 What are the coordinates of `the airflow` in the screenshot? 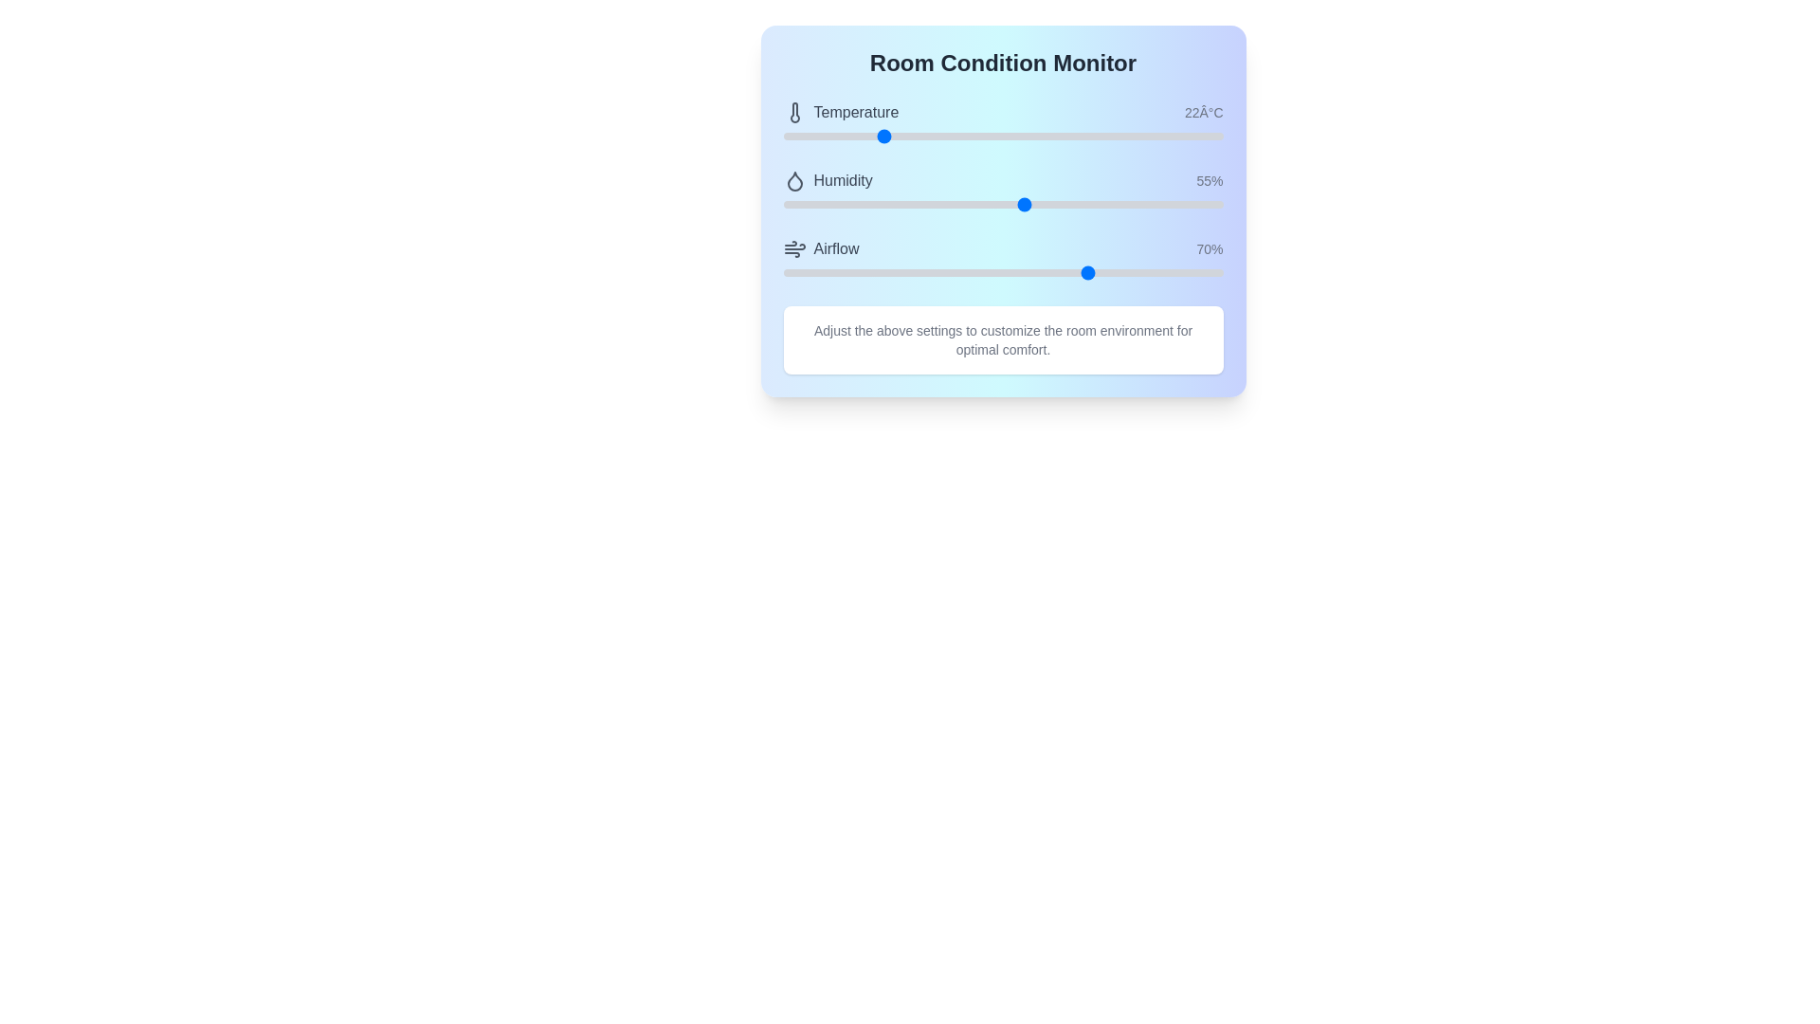 It's located at (1169, 273).